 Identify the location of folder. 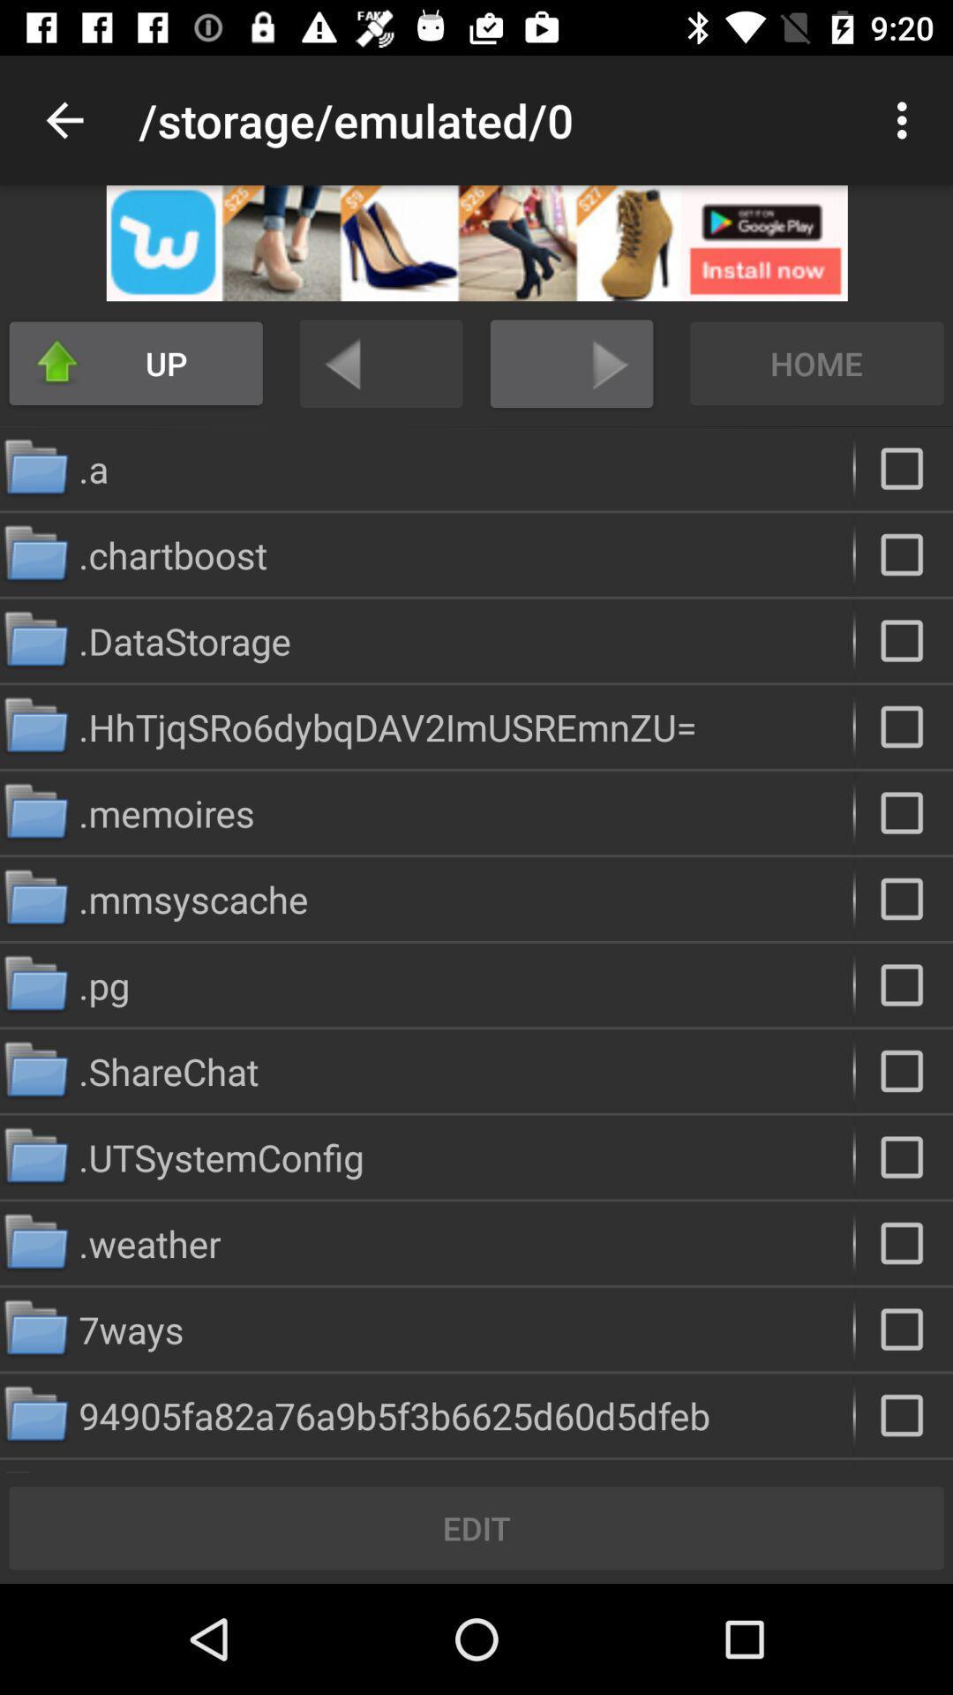
(904, 984).